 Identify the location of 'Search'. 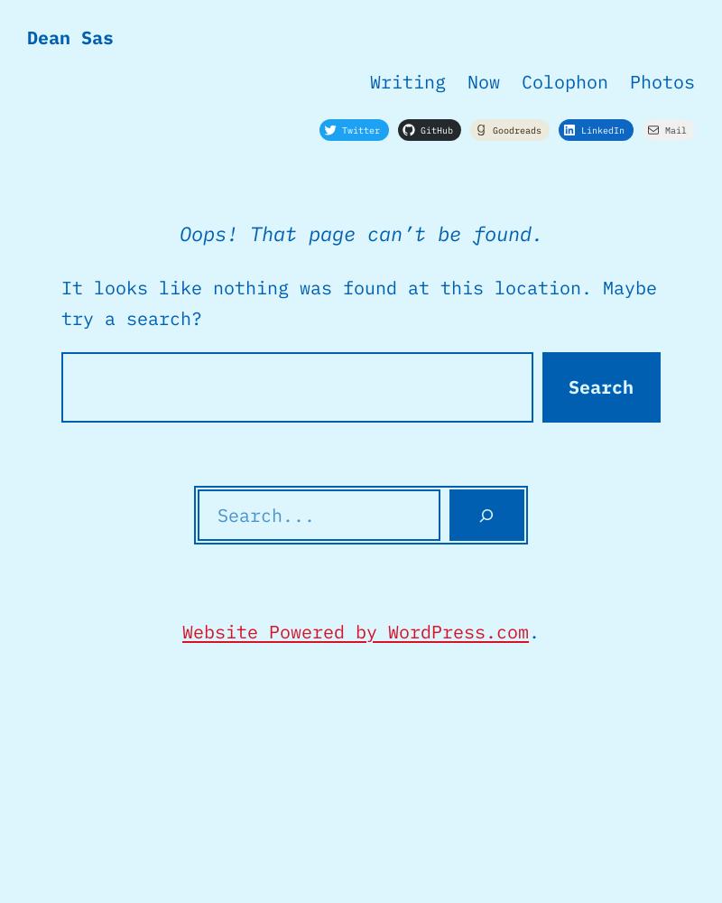
(600, 386).